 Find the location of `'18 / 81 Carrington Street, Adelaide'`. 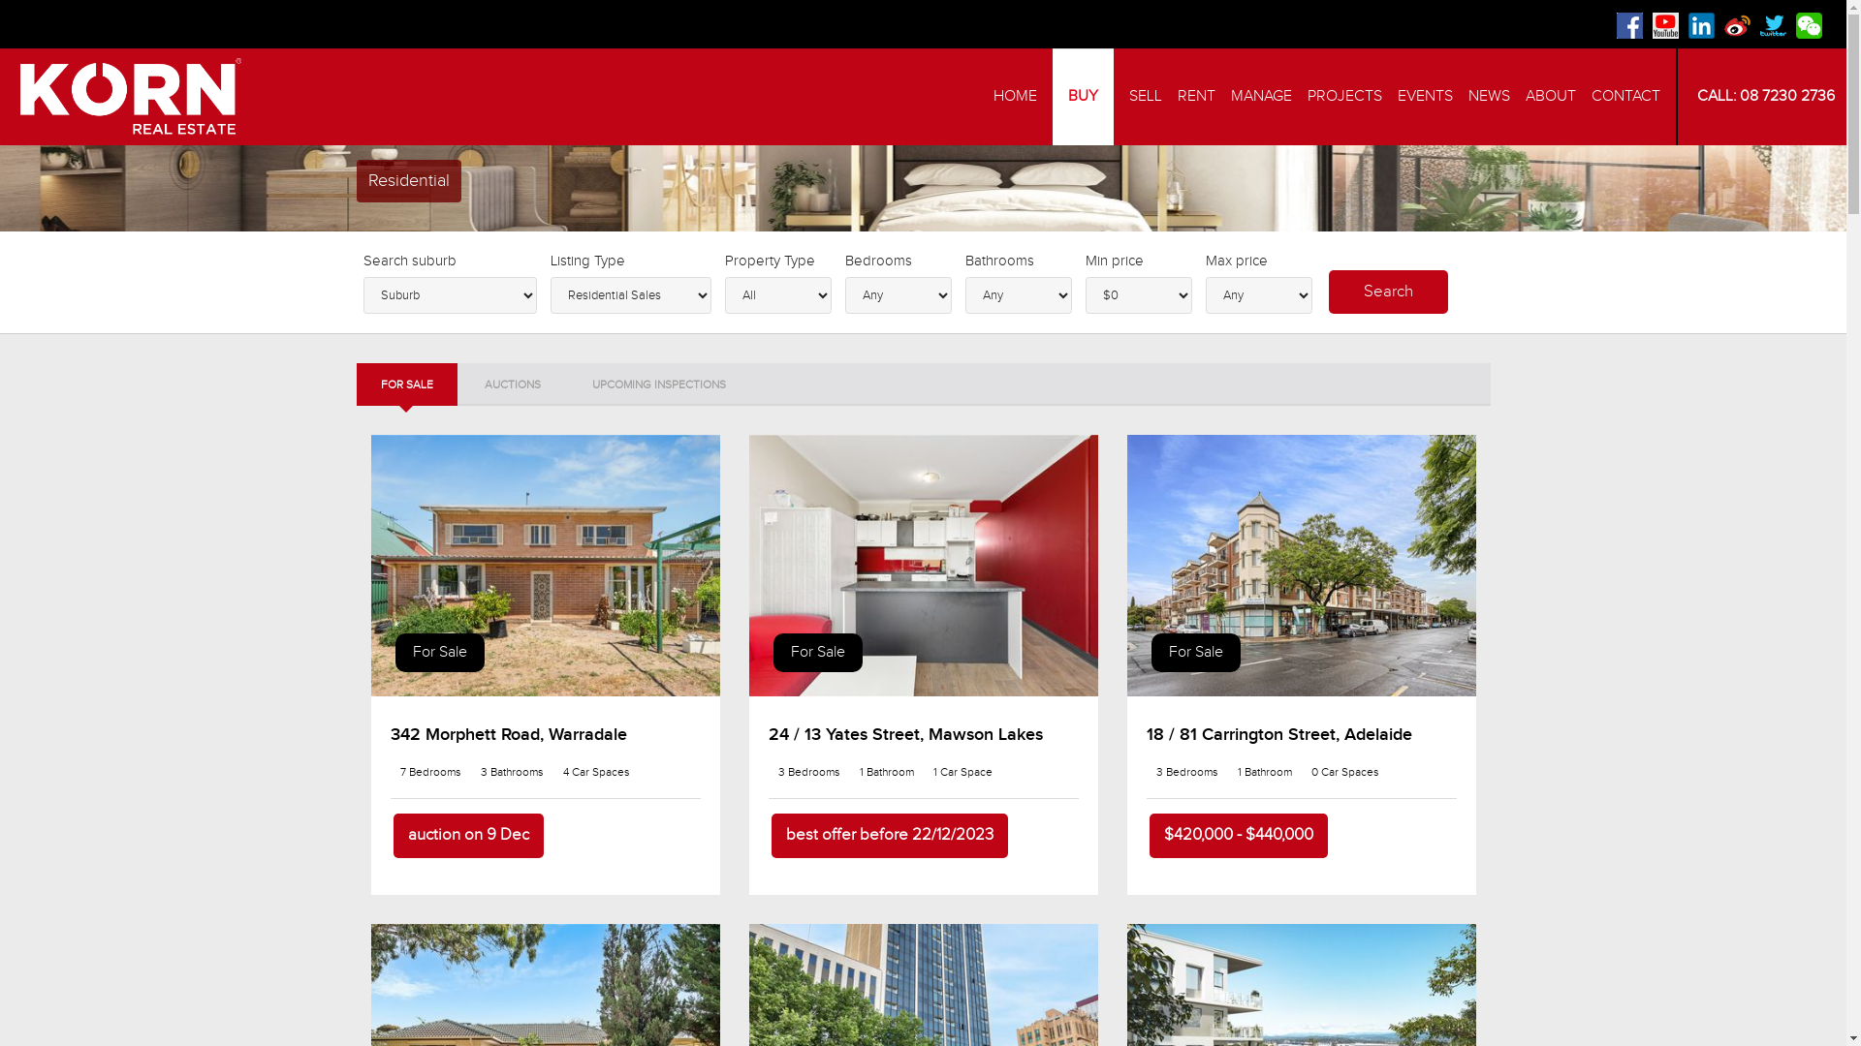

'18 / 81 Carrington Street, Adelaide' is located at coordinates (1278, 734).